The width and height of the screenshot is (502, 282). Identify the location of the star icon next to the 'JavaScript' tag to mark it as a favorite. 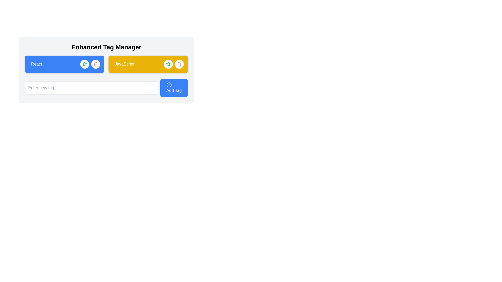
(84, 64).